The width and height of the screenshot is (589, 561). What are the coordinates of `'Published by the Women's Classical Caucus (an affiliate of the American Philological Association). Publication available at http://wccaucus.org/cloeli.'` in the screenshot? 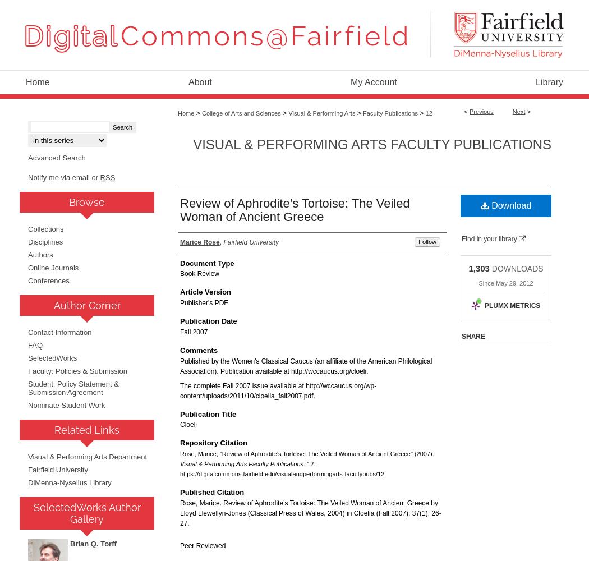 It's located at (306, 366).